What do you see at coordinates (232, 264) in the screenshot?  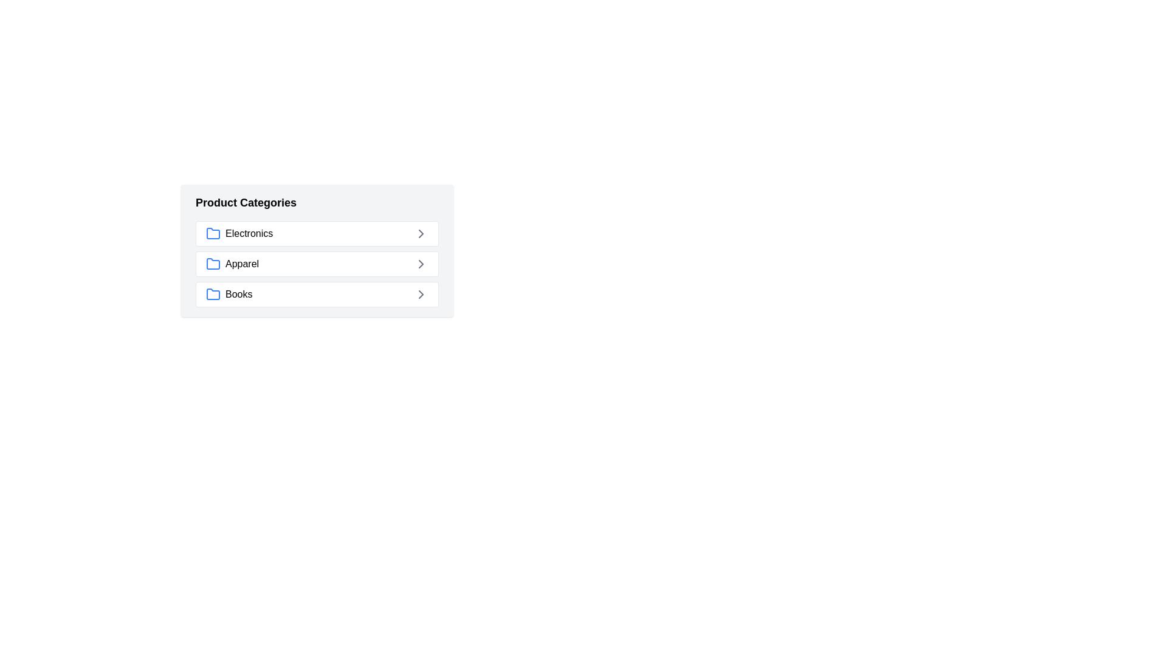 I see `the 'Apparel' text label with a folder icon` at bounding box center [232, 264].